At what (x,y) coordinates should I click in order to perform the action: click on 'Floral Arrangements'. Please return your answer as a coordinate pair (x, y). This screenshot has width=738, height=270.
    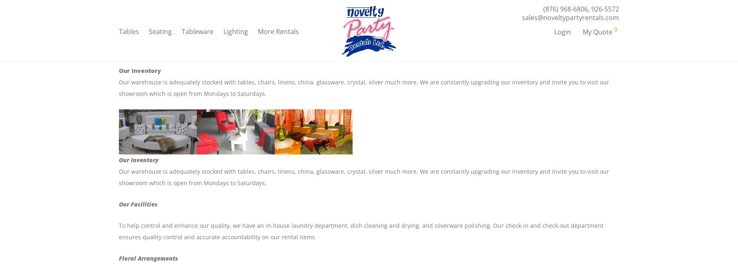
    Looking at the image, I should click on (148, 258).